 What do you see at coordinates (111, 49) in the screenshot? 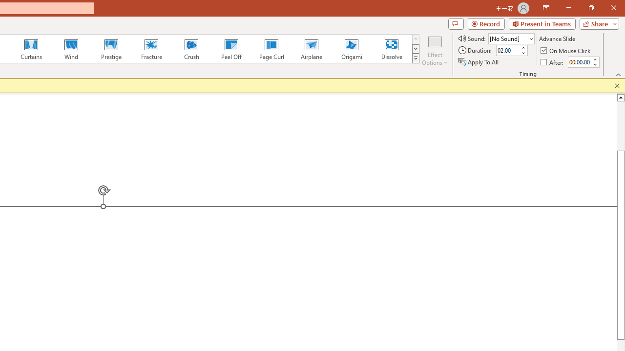
I see `'Prestige'` at bounding box center [111, 49].